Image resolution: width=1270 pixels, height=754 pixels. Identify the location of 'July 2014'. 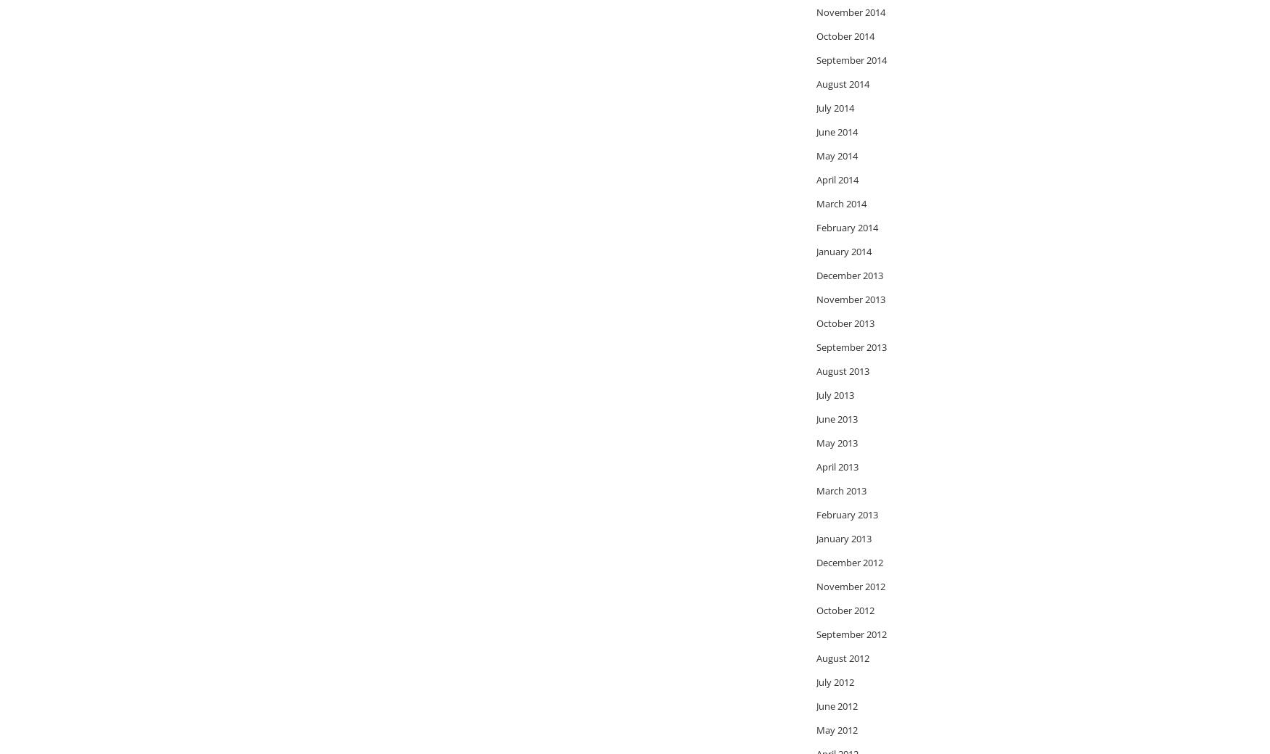
(834, 107).